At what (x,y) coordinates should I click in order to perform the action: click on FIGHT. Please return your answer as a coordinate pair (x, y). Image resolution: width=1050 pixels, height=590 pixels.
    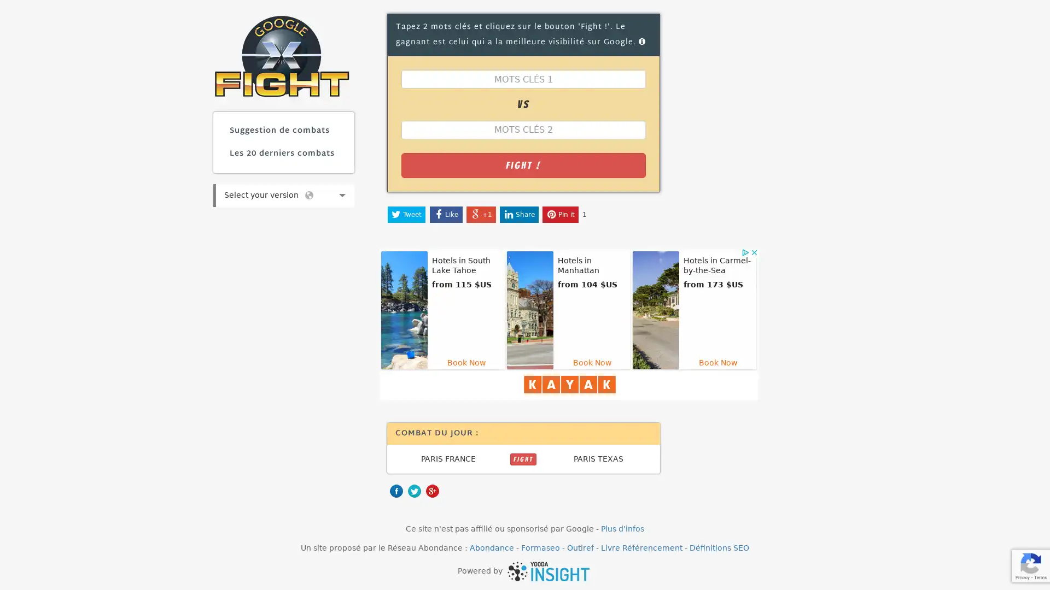
    Looking at the image, I should click on (522, 459).